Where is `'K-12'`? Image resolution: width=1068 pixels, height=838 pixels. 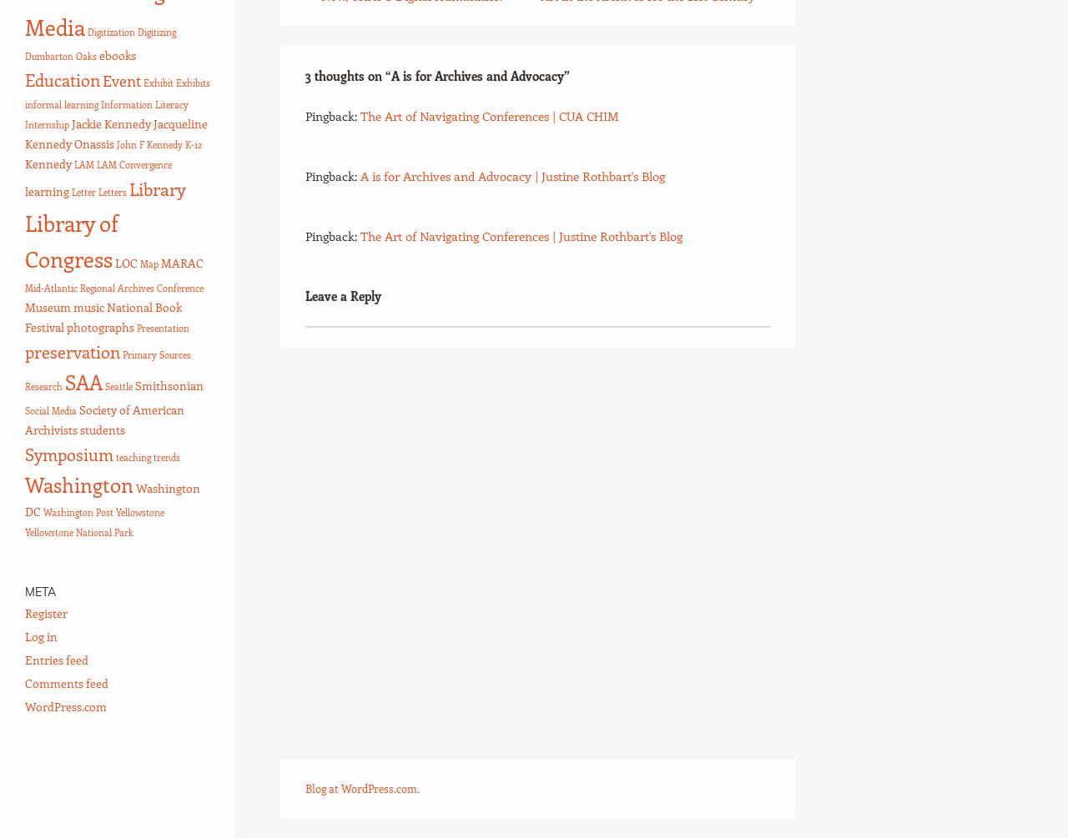
'K-12' is located at coordinates (193, 143).